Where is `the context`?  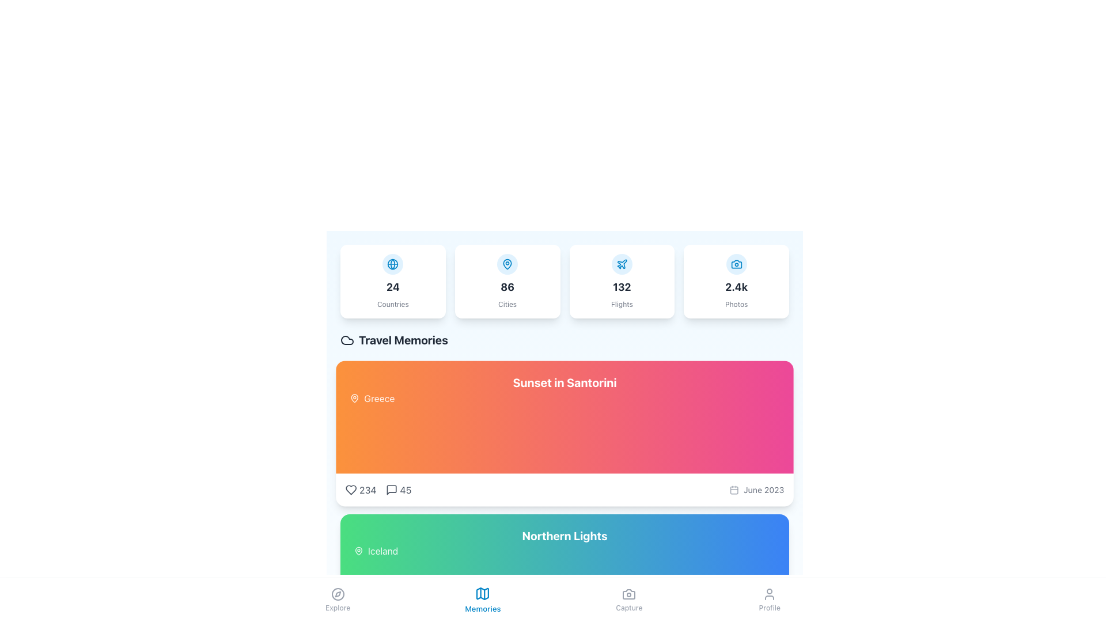 the context is located at coordinates (383, 550).